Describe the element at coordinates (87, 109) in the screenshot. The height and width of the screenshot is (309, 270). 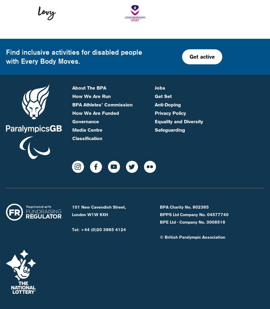
I see `'Media Centre'` at that location.